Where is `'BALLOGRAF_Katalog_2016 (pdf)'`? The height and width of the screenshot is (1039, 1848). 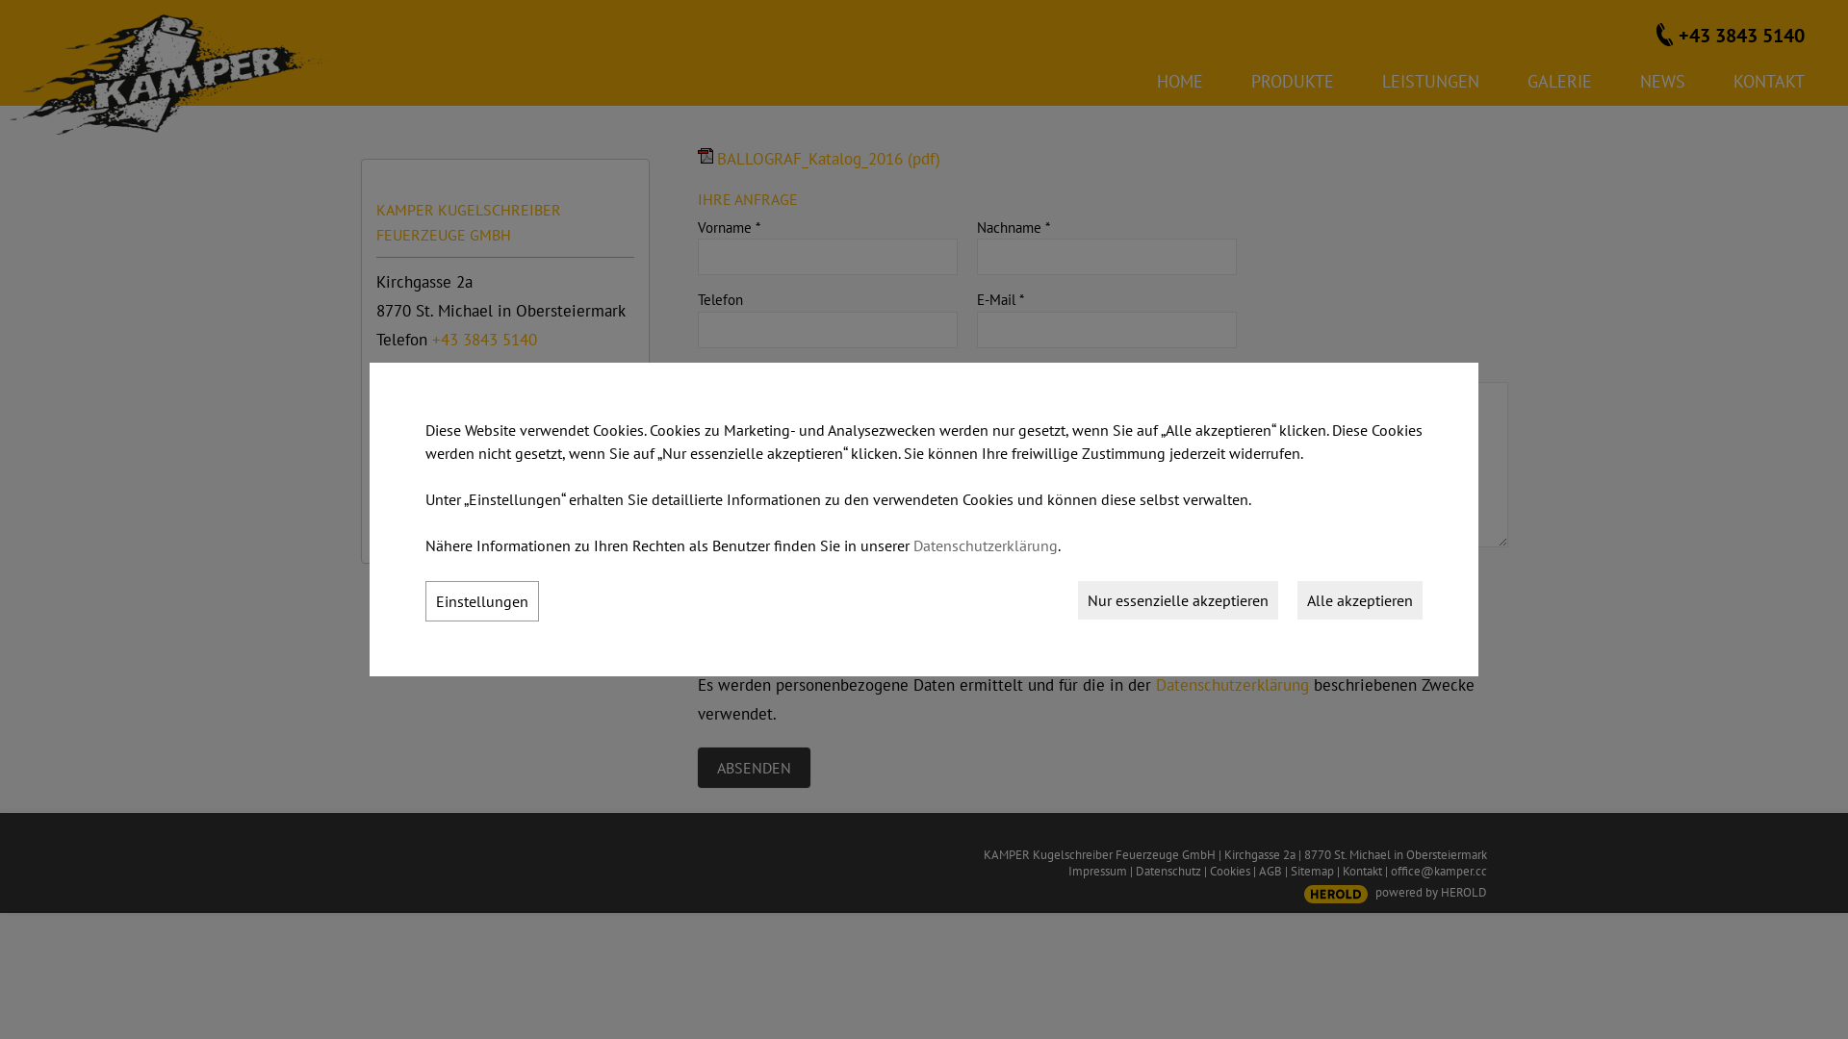
'BALLOGRAF_Katalog_2016 (pdf)' is located at coordinates (696, 158).